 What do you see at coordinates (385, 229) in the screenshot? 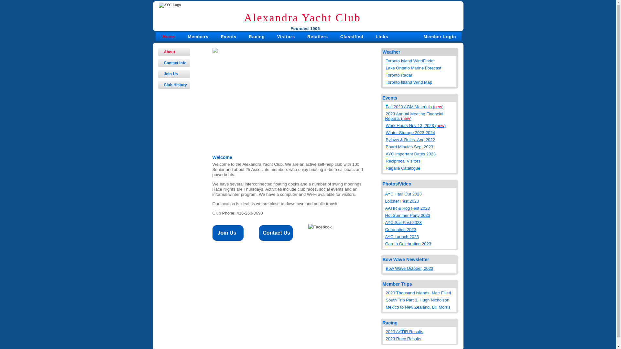
I see `'Coronation 2023'` at bounding box center [385, 229].